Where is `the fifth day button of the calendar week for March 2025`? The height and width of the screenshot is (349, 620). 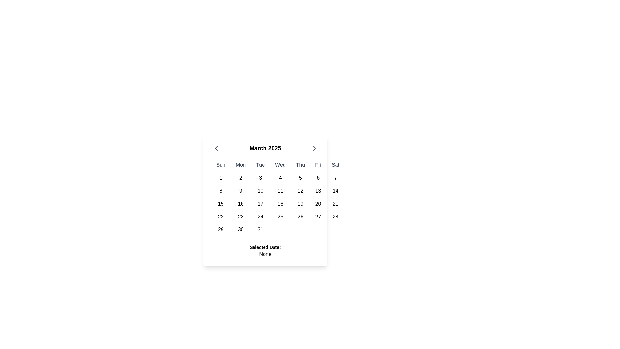 the fifth day button of the calendar week for March 2025 is located at coordinates (300, 178).